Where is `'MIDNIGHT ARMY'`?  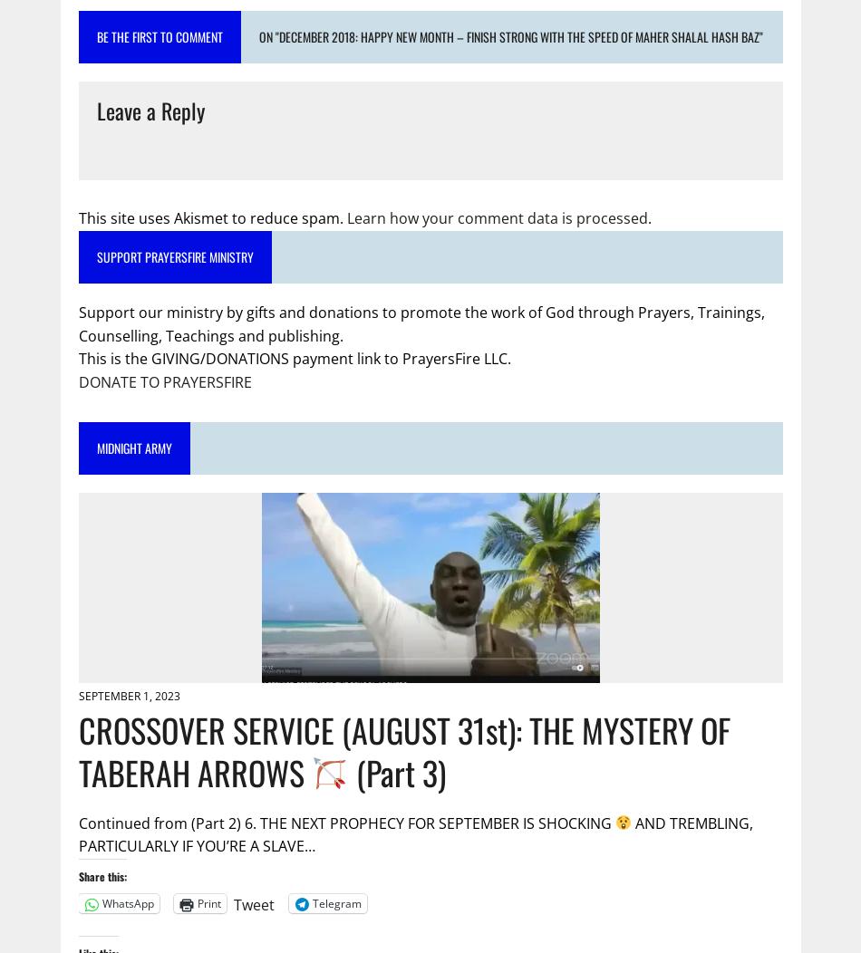
'MIDNIGHT ARMY' is located at coordinates (133, 446).